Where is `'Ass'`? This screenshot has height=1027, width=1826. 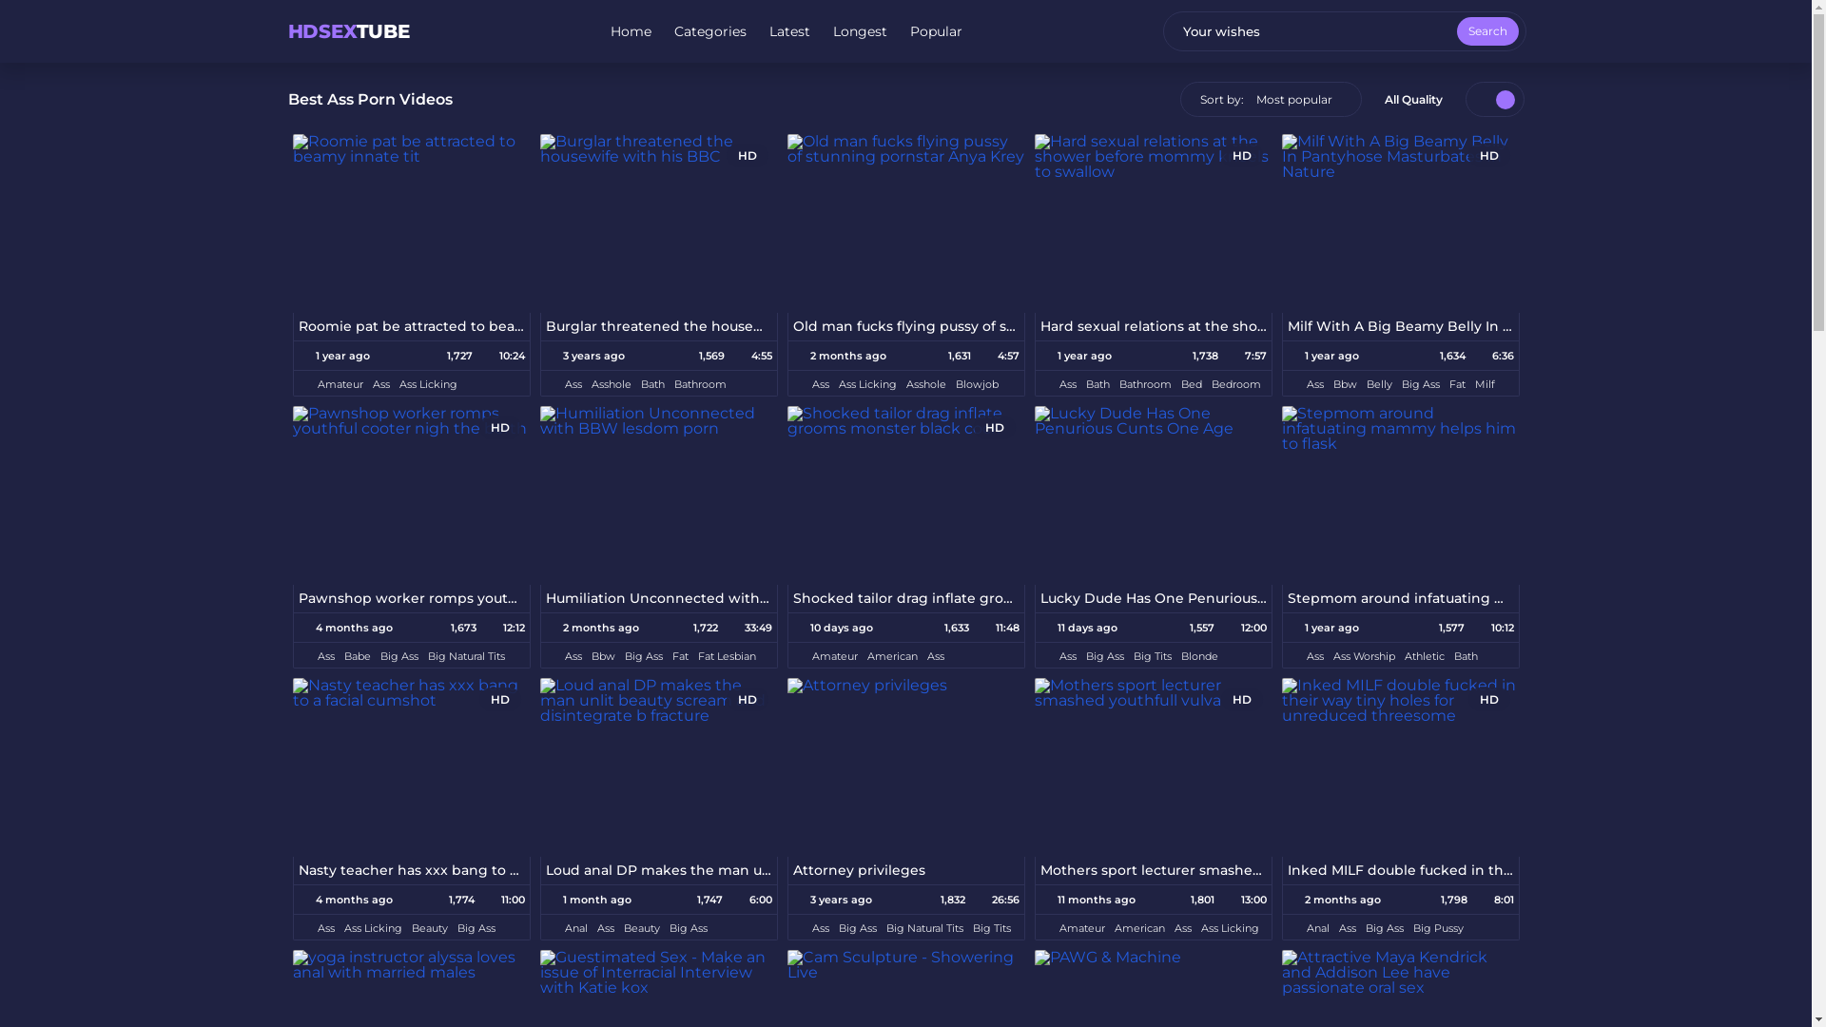
'Ass' is located at coordinates (325, 927).